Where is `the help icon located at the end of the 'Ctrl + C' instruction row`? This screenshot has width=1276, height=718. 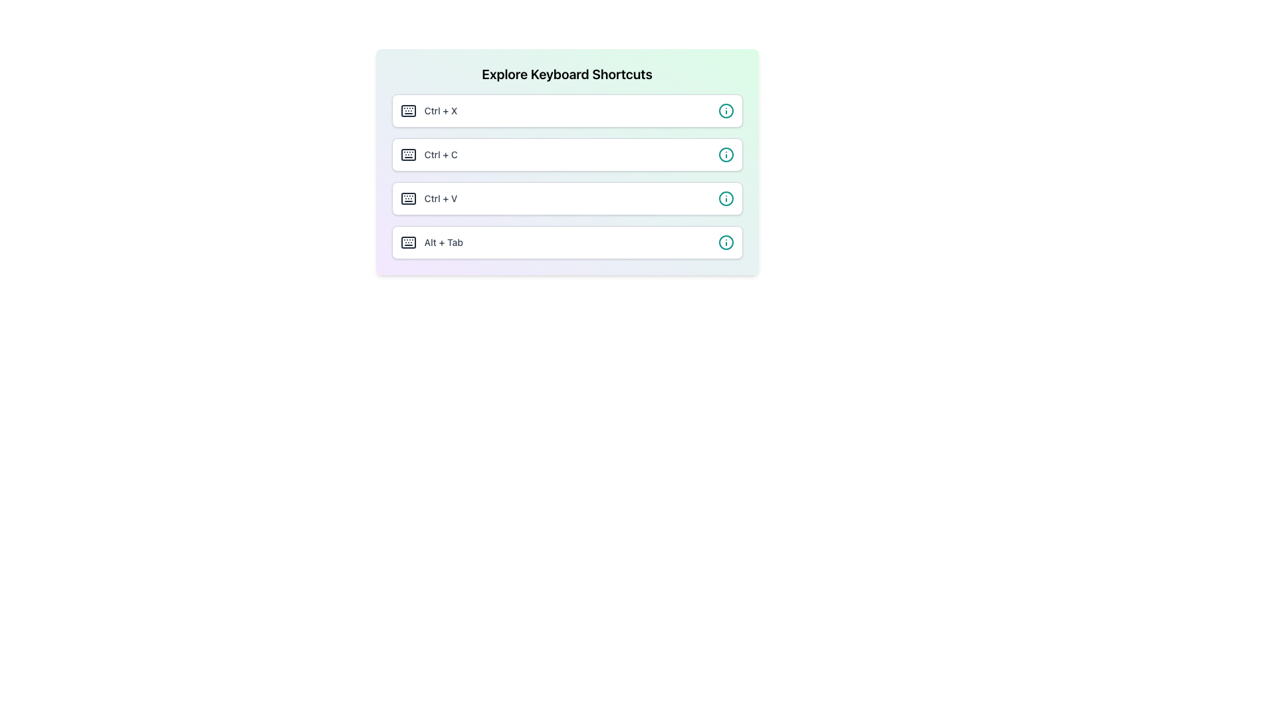
the help icon located at the end of the 'Ctrl + C' instruction row is located at coordinates (725, 154).